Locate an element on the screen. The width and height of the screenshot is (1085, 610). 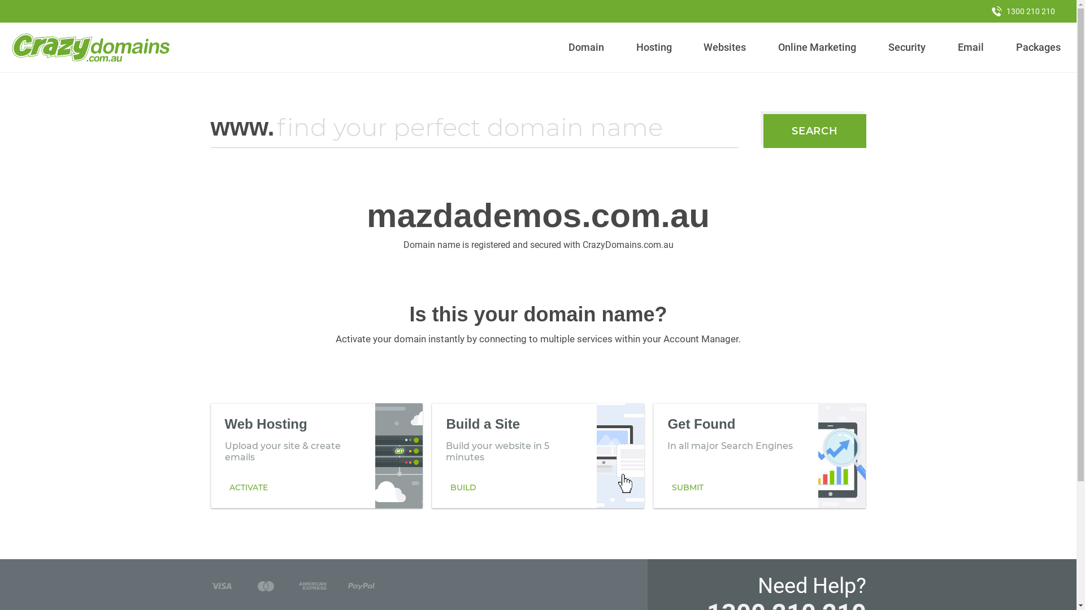
'SEARCH' is located at coordinates (814, 130).